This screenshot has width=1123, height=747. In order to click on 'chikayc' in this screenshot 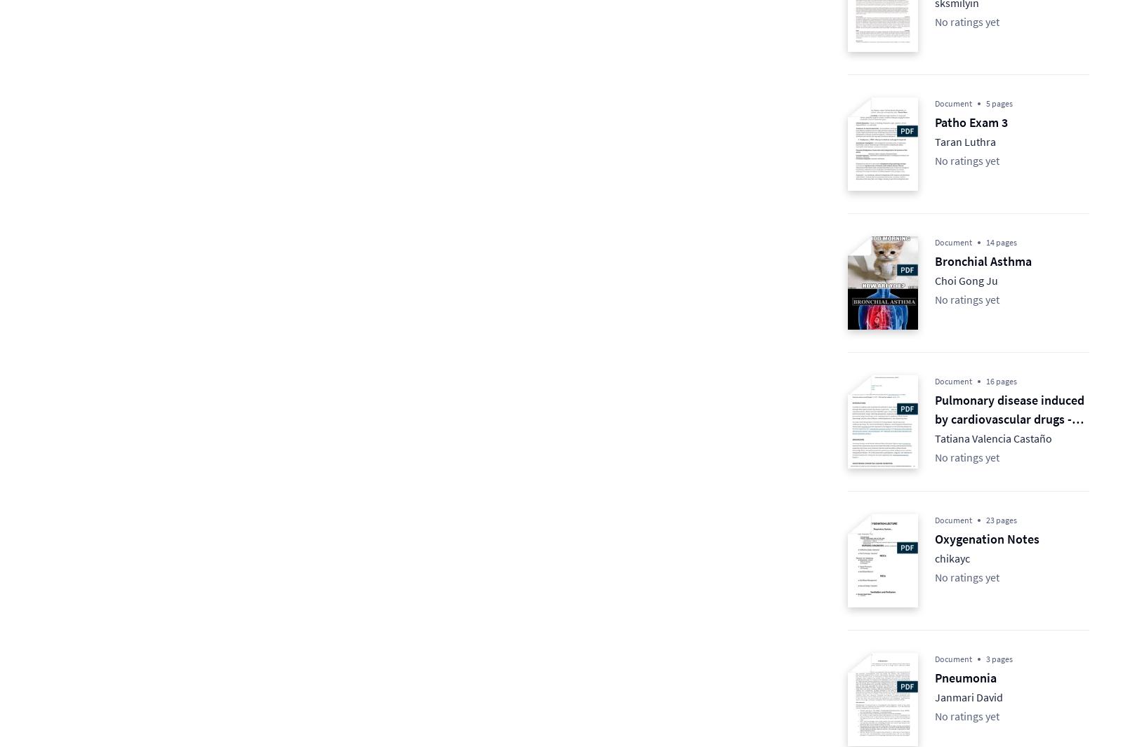, I will do `click(951, 558)`.